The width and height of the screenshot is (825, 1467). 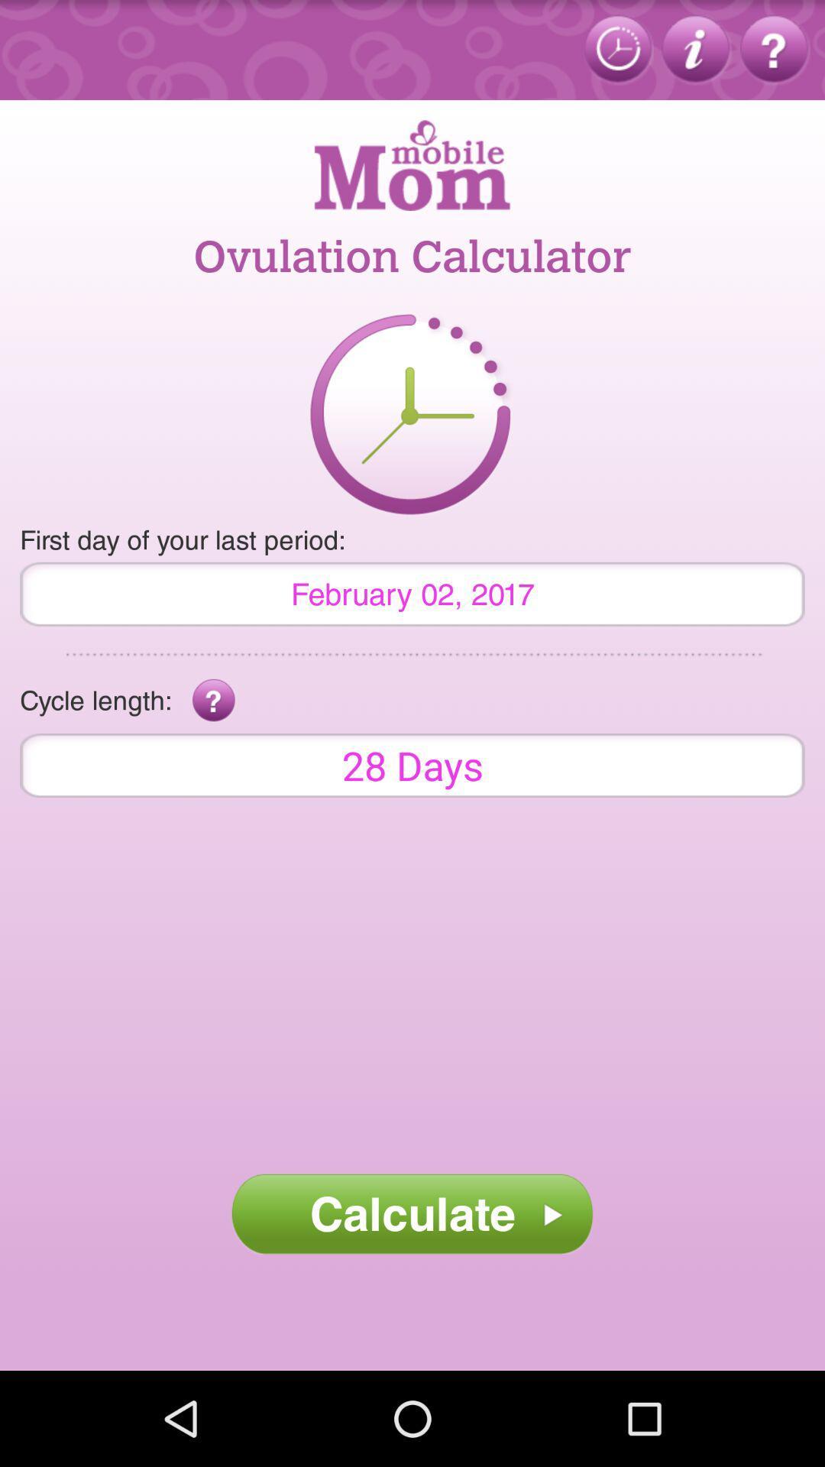 I want to click on item below the first day of item, so click(x=412, y=593).